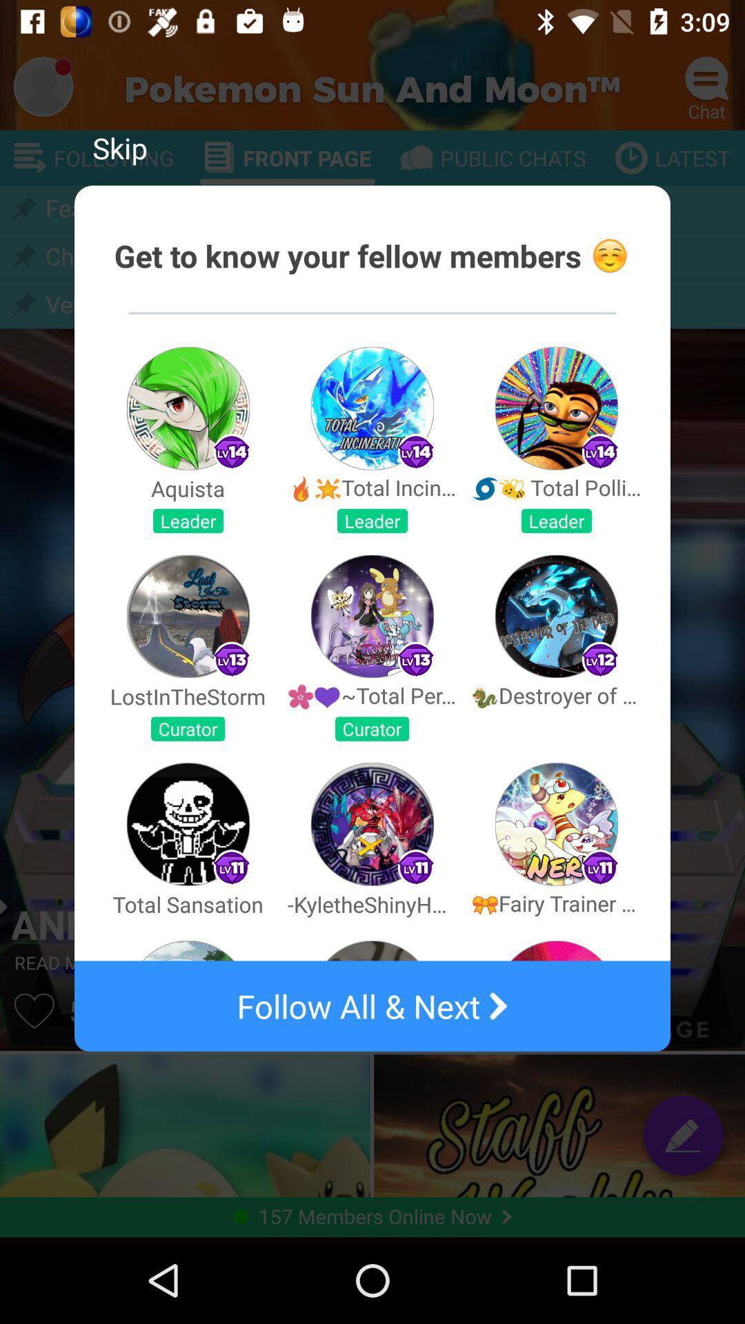  Describe the element at coordinates (188, 615) in the screenshot. I see `the image which is above lostlnthestorm` at that location.